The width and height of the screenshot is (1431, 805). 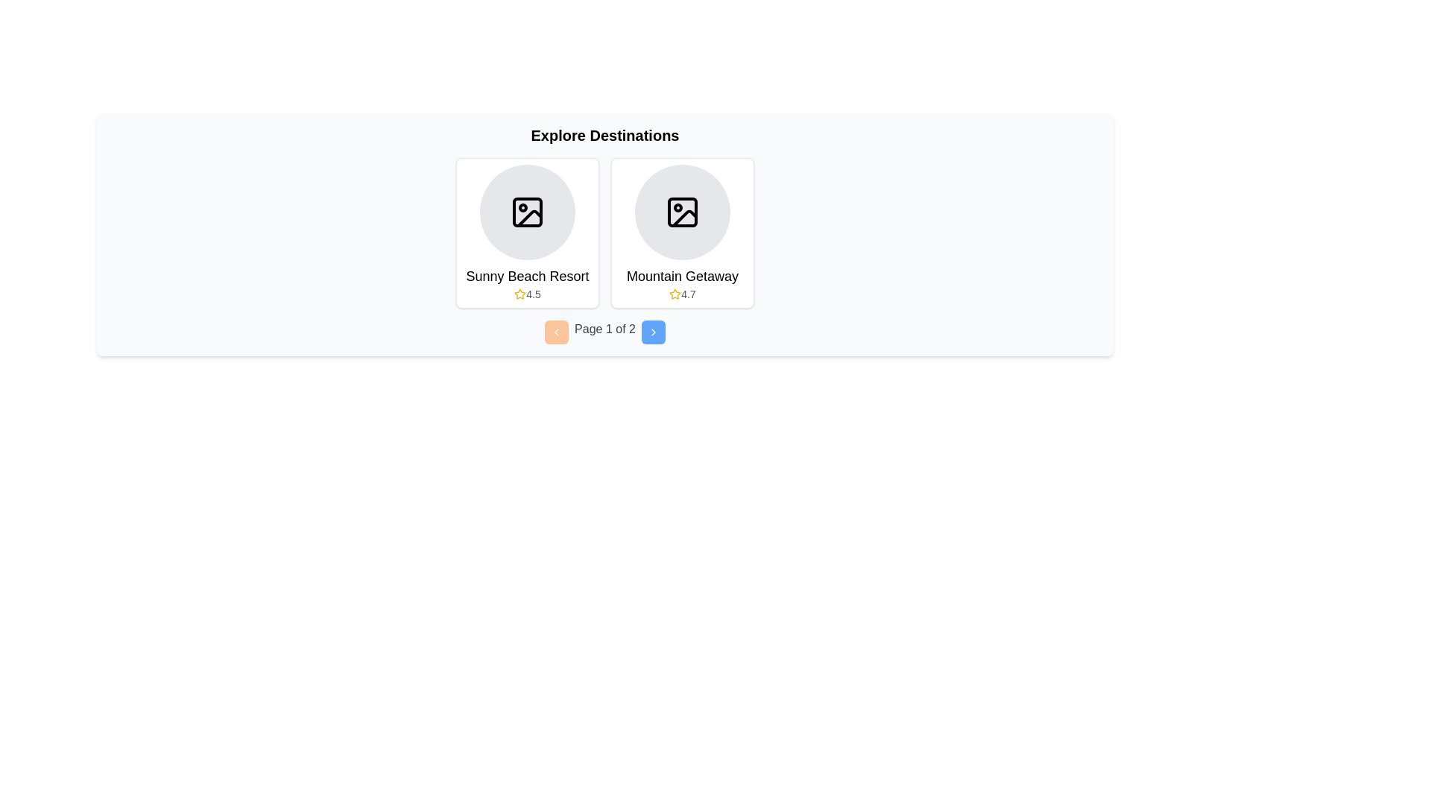 I want to click on the Rating label displaying '4.7' with a yellow star icon, located at the lower part of the 'Mountain Getaway' card, so click(x=682, y=294).